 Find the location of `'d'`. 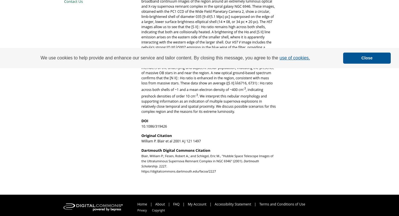

'd' is located at coordinates (206, 16).